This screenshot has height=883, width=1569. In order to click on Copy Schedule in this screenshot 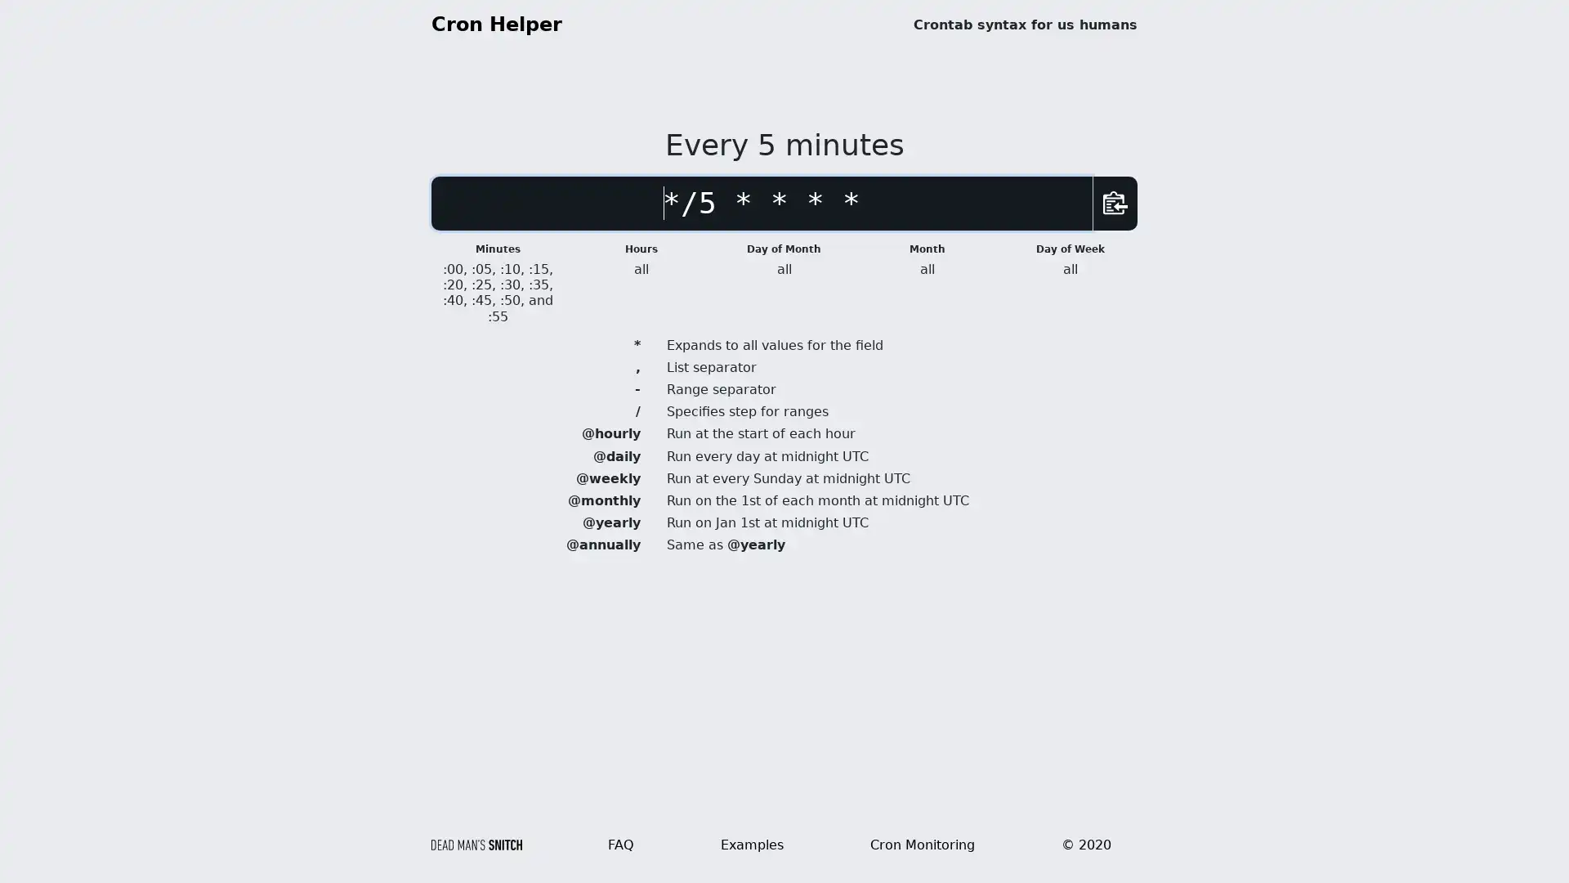, I will do `click(1113, 202)`.